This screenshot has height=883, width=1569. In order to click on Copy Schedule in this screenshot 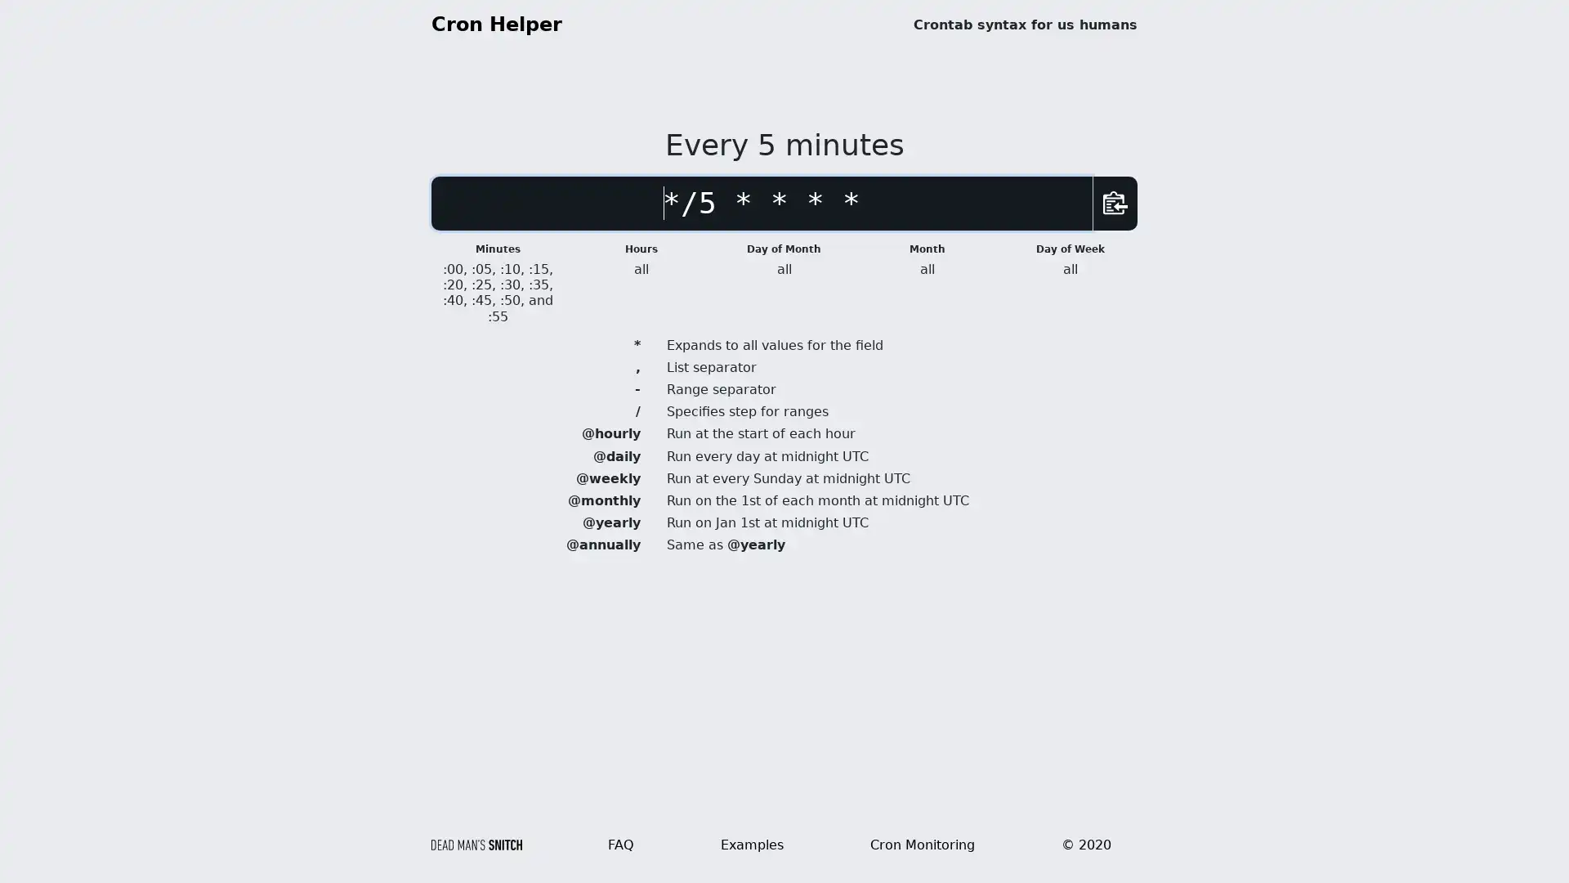, I will do `click(1113, 202)`.